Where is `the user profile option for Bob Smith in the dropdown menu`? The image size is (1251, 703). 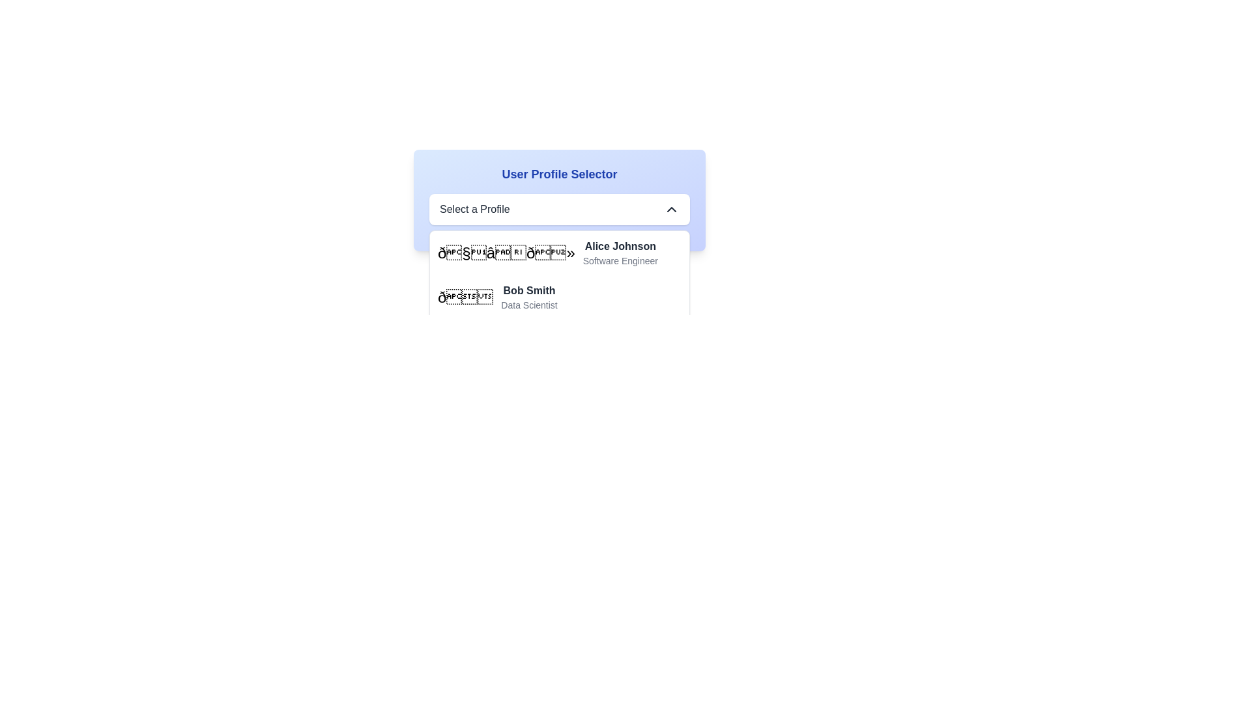
the user profile option for Bob Smith in the dropdown menu is located at coordinates (529, 297).